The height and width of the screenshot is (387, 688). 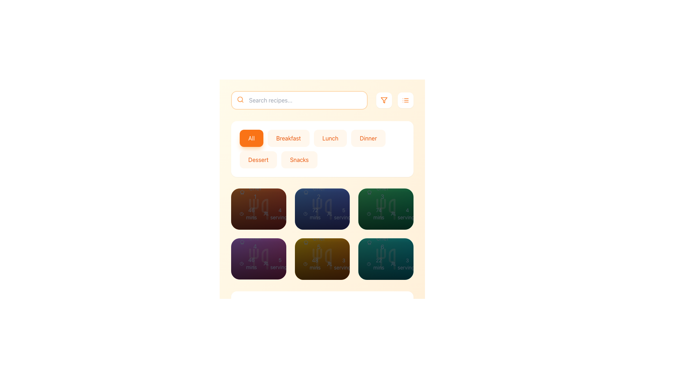 What do you see at coordinates (312, 264) in the screenshot?
I see `the text label indicating a duration of approximately 48 minutes, located in the second card of the second row, to the left of the '3 servings' text label` at bounding box center [312, 264].